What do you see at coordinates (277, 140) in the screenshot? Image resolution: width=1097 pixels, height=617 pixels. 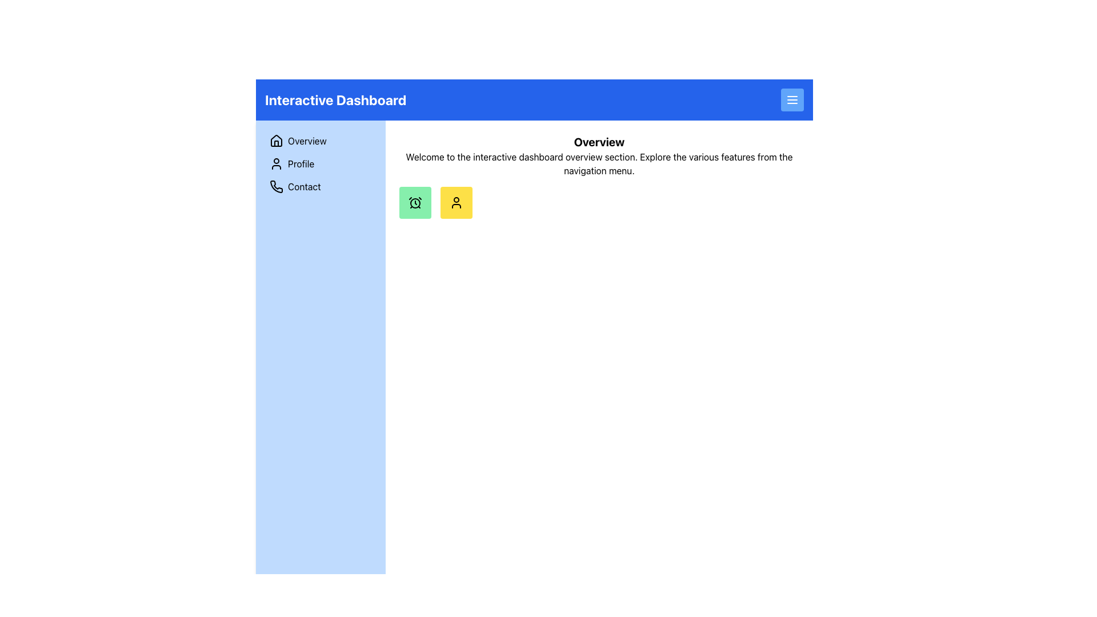 I see `the 'Overview' icon in the left-hand navigation menu` at bounding box center [277, 140].